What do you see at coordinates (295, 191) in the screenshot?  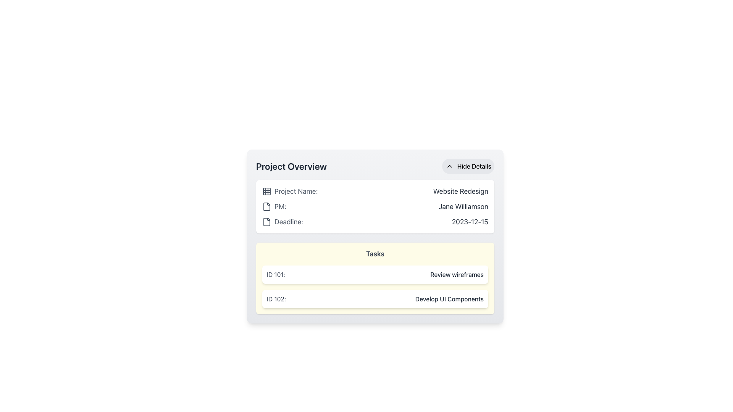 I see `the Text Label that serves as a label for the project name in the top left area of the 'Project Overview' card` at bounding box center [295, 191].